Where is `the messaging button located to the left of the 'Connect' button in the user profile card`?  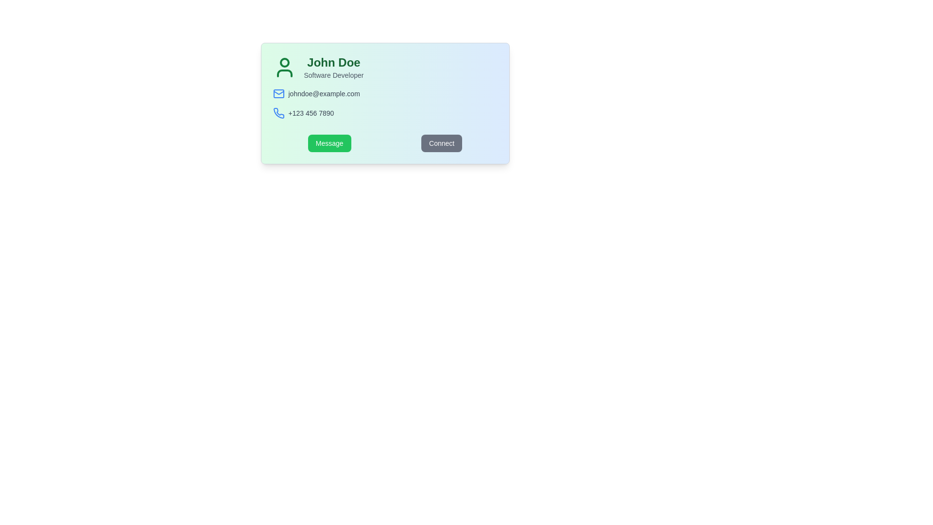 the messaging button located to the left of the 'Connect' button in the user profile card is located at coordinates (329, 143).